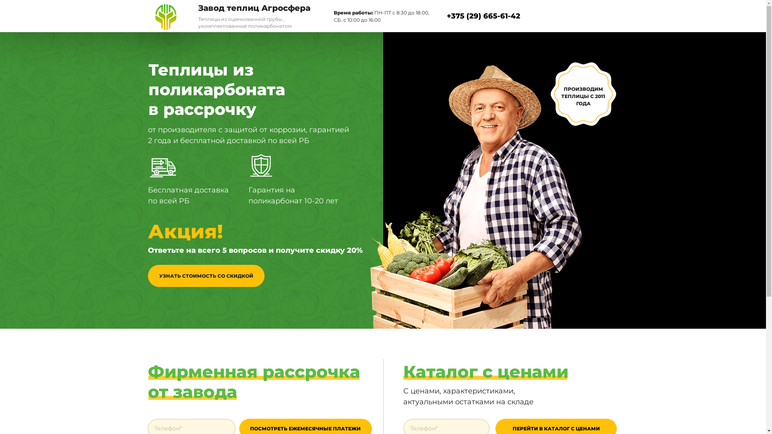 The width and height of the screenshot is (772, 434). I want to click on '+375 (29) 665-61-42', so click(482, 16).